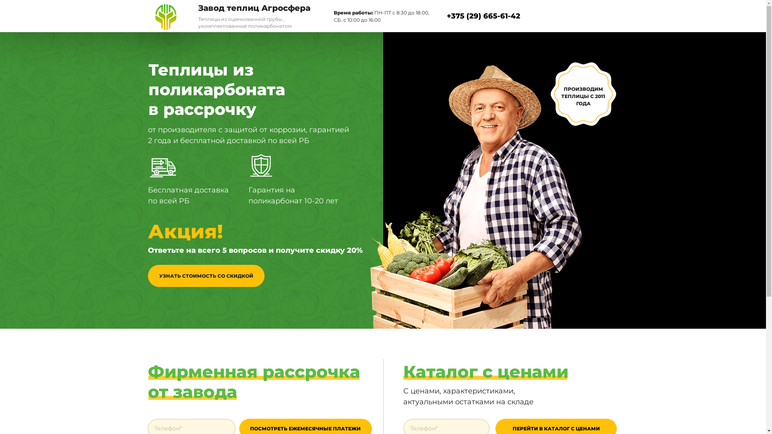 The width and height of the screenshot is (772, 434). I want to click on '+375 (29) 665-61-42', so click(482, 16).